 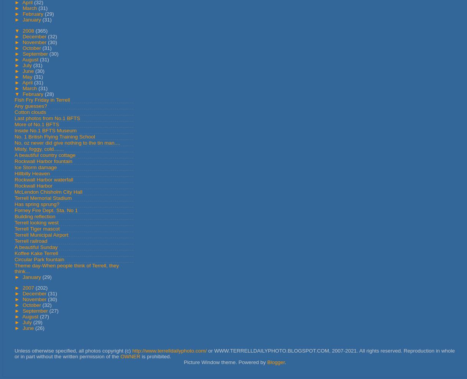 I want to click on 'OWNER', so click(x=130, y=356).